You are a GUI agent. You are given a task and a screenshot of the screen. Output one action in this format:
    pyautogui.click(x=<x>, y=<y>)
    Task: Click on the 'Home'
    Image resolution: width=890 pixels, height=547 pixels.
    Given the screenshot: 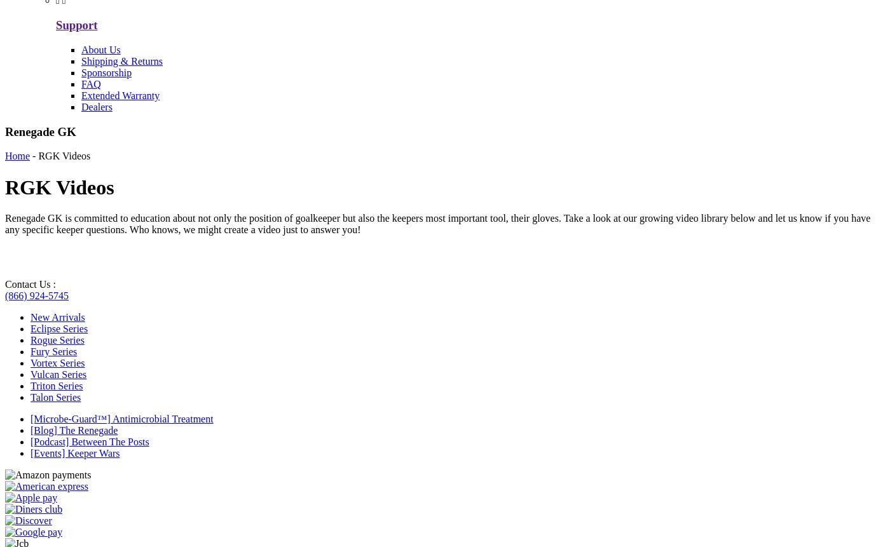 What is the action you would take?
    pyautogui.click(x=17, y=155)
    